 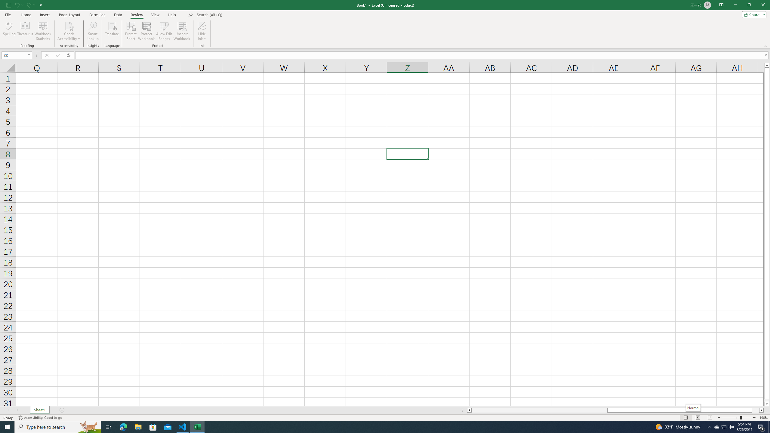 I want to click on 'Translate', so click(x=112, y=31).